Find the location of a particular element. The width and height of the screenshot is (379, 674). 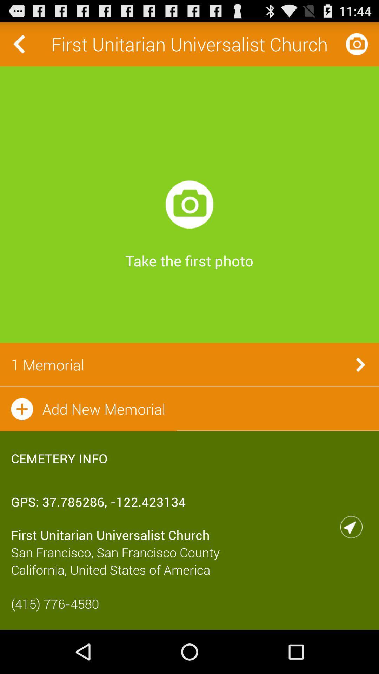

(415) 776-4580 is located at coordinates (189, 603).